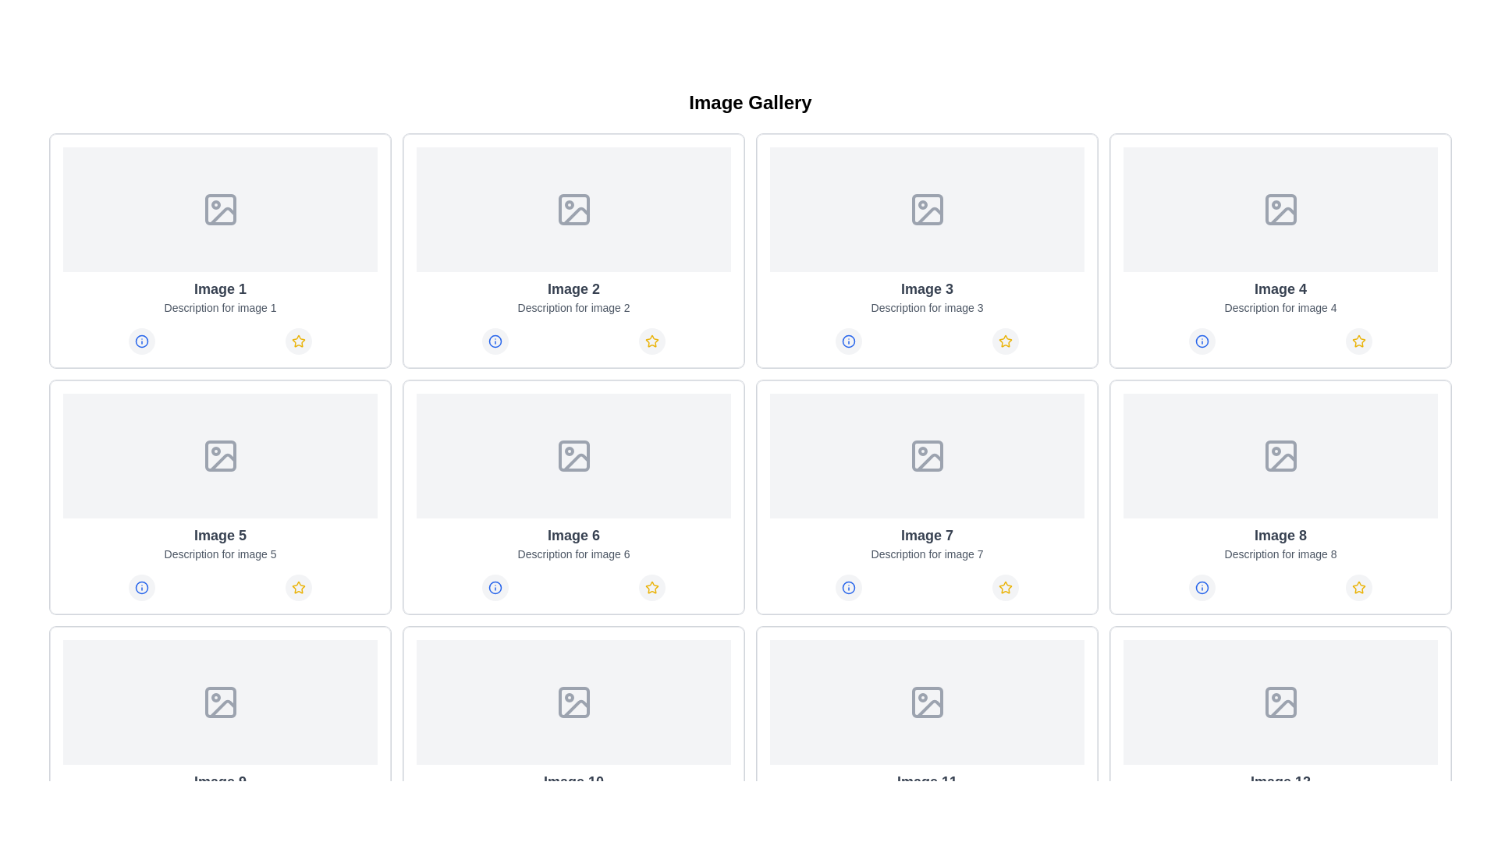 The height and width of the screenshot is (842, 1498). What do you see at coordinates (1358, 587) in the screenshot?
I see `the star button located in the bottom right corner of the card for 'Image 8' to mark the item as a favorite` at bounding box center [1358, 587].